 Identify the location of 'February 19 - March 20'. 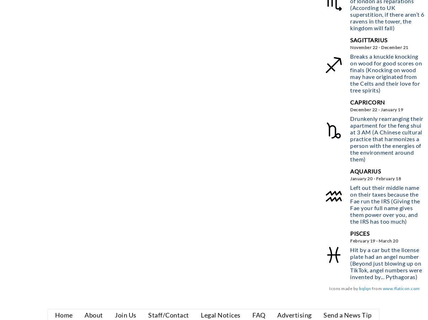
(374, 240).